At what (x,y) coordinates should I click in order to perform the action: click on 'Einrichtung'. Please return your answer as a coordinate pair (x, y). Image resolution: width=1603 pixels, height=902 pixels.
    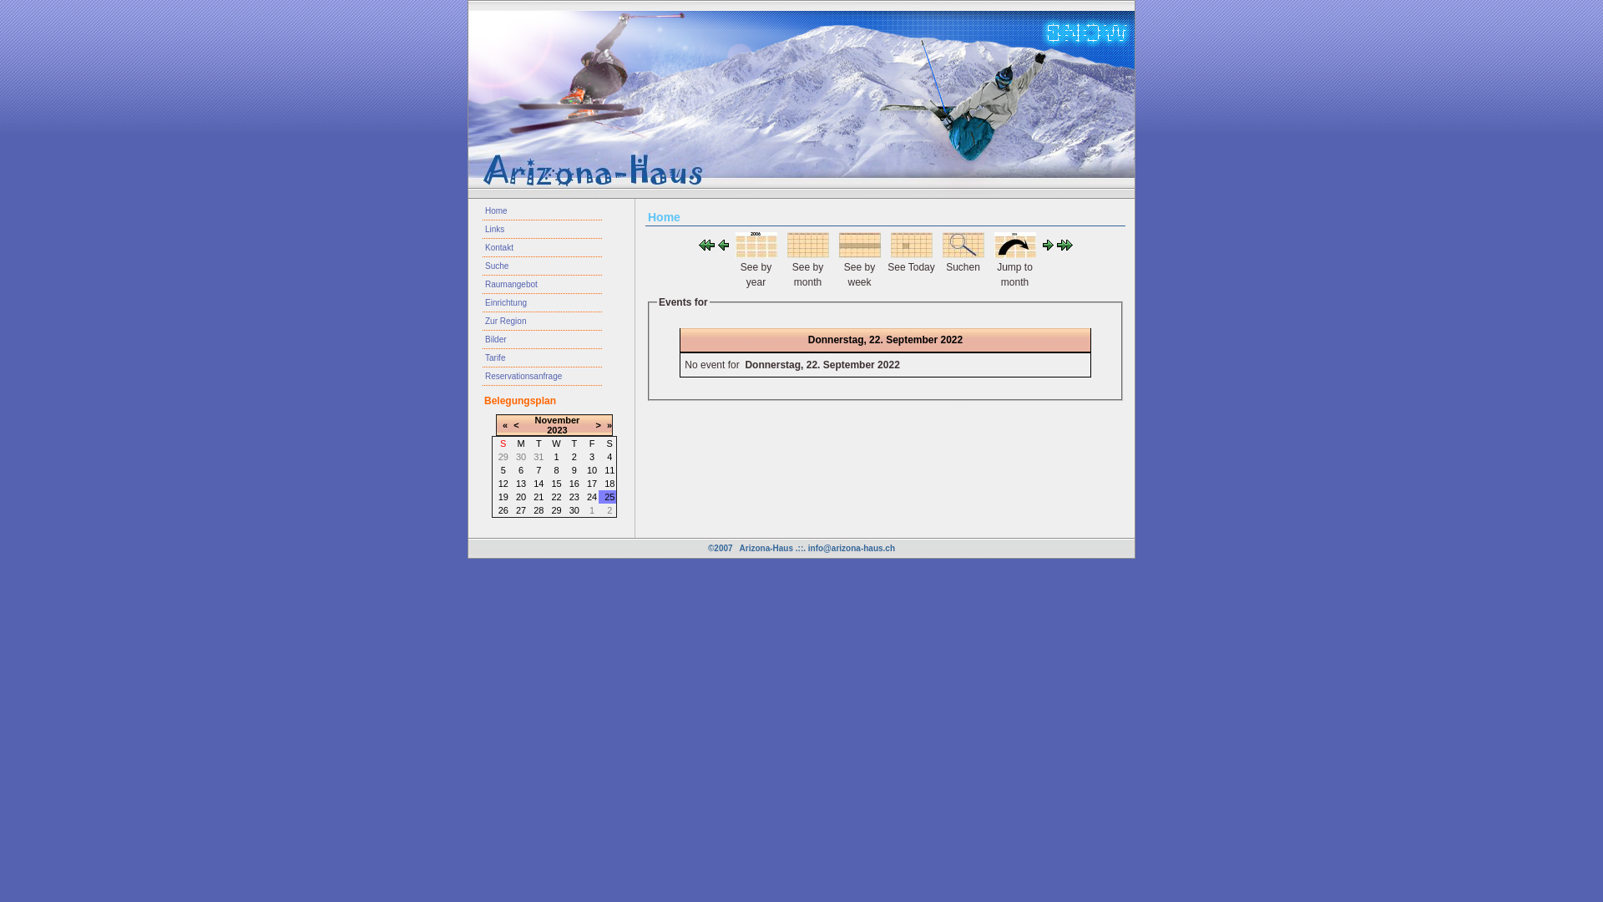
    Looking at the image, I should click on (542, 302).